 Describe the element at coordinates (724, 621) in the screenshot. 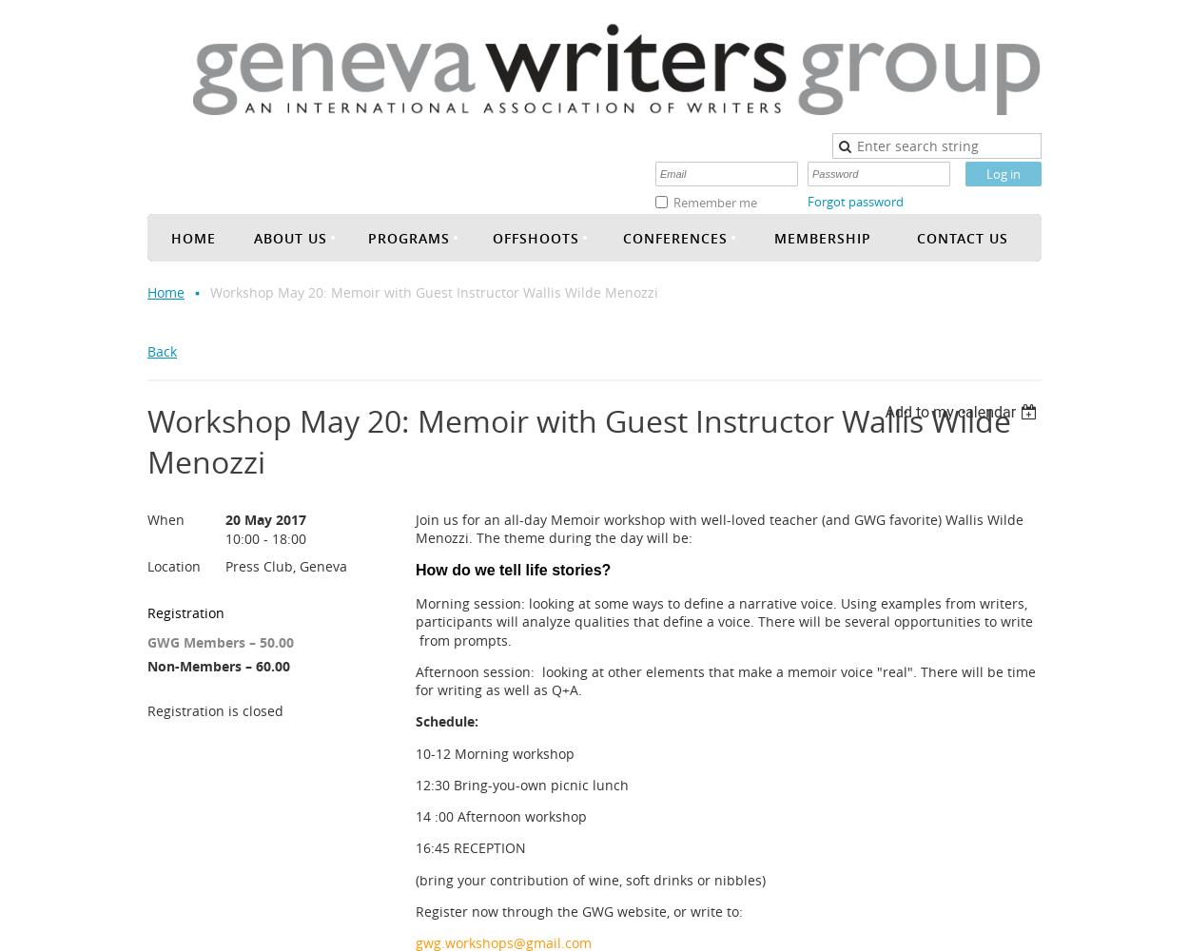

I see `'Morning session: looking at some ways to define a narrative voice. Using examples from writers, participants will analyze qualities that define a voice. There will be several opportunities to write  from prompts.'` at that location.